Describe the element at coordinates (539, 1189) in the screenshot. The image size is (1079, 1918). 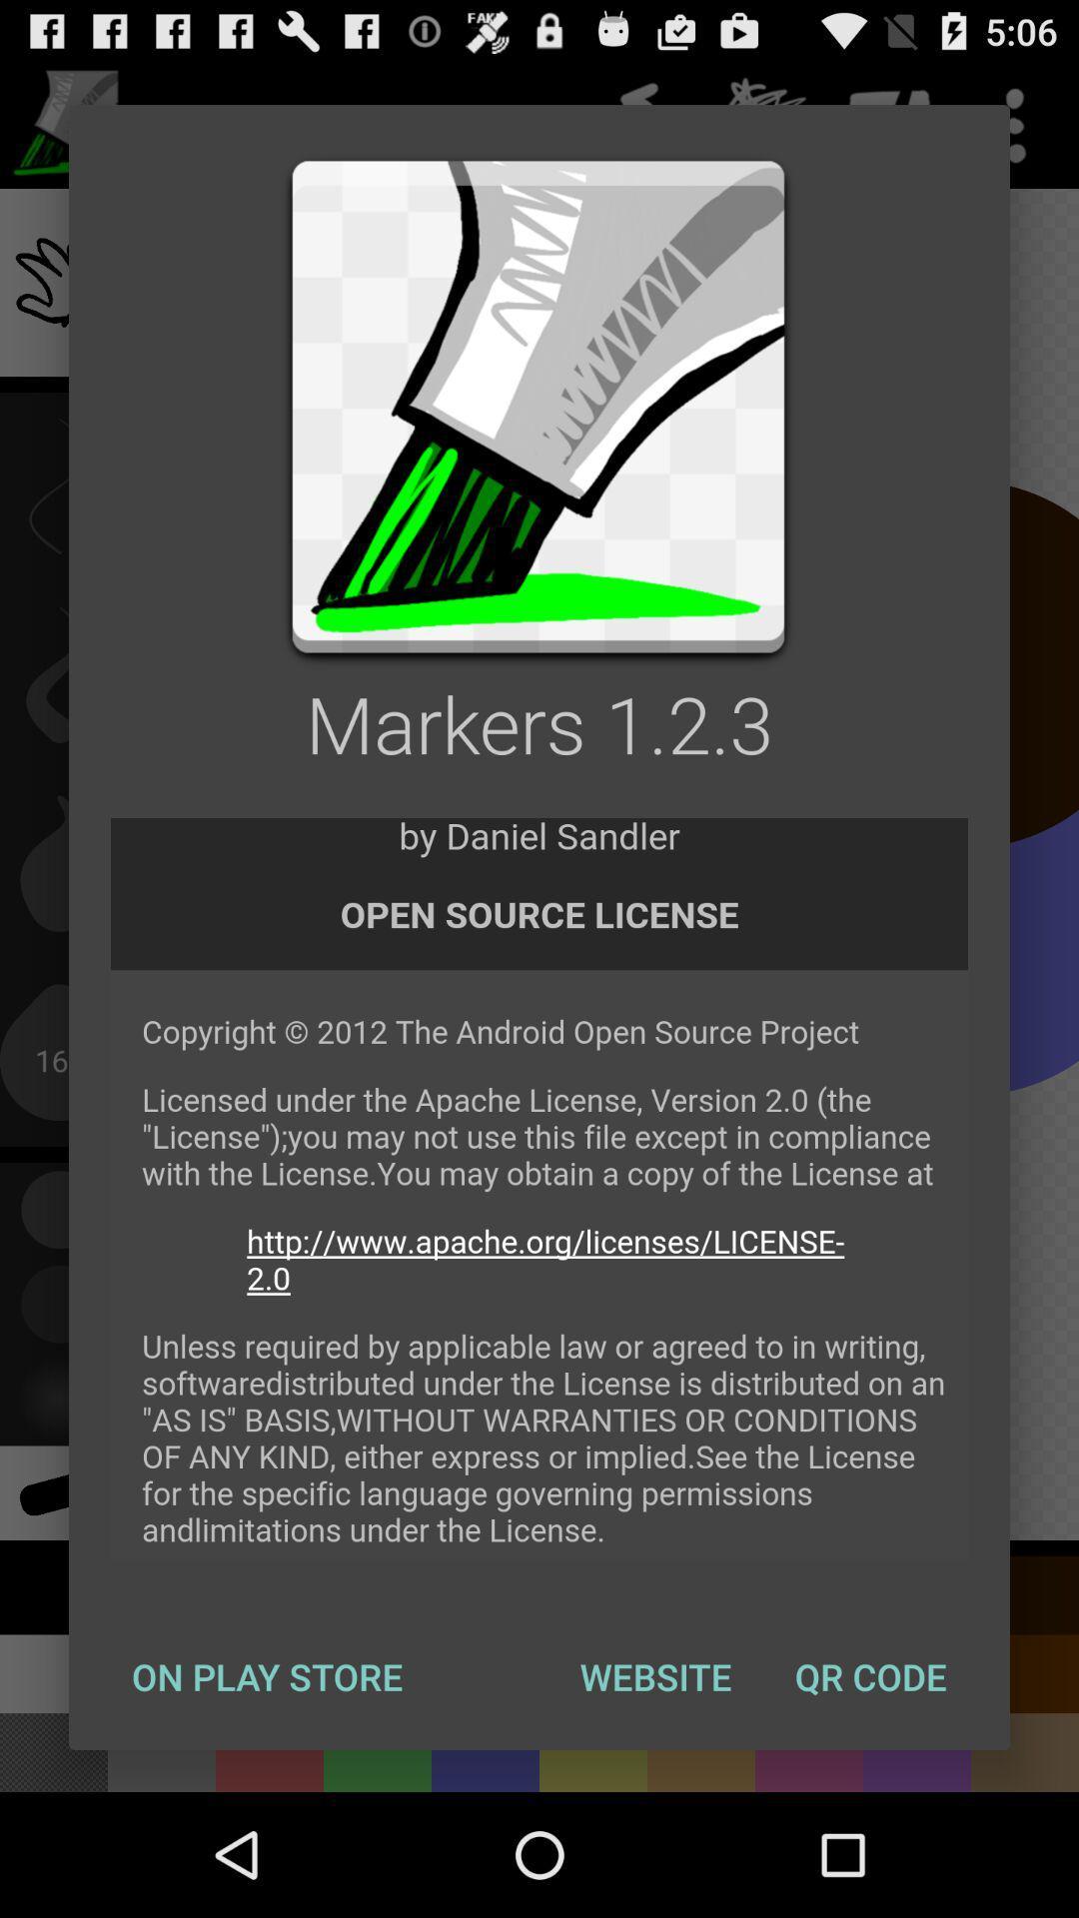
I see `permissions for using app` at that location.